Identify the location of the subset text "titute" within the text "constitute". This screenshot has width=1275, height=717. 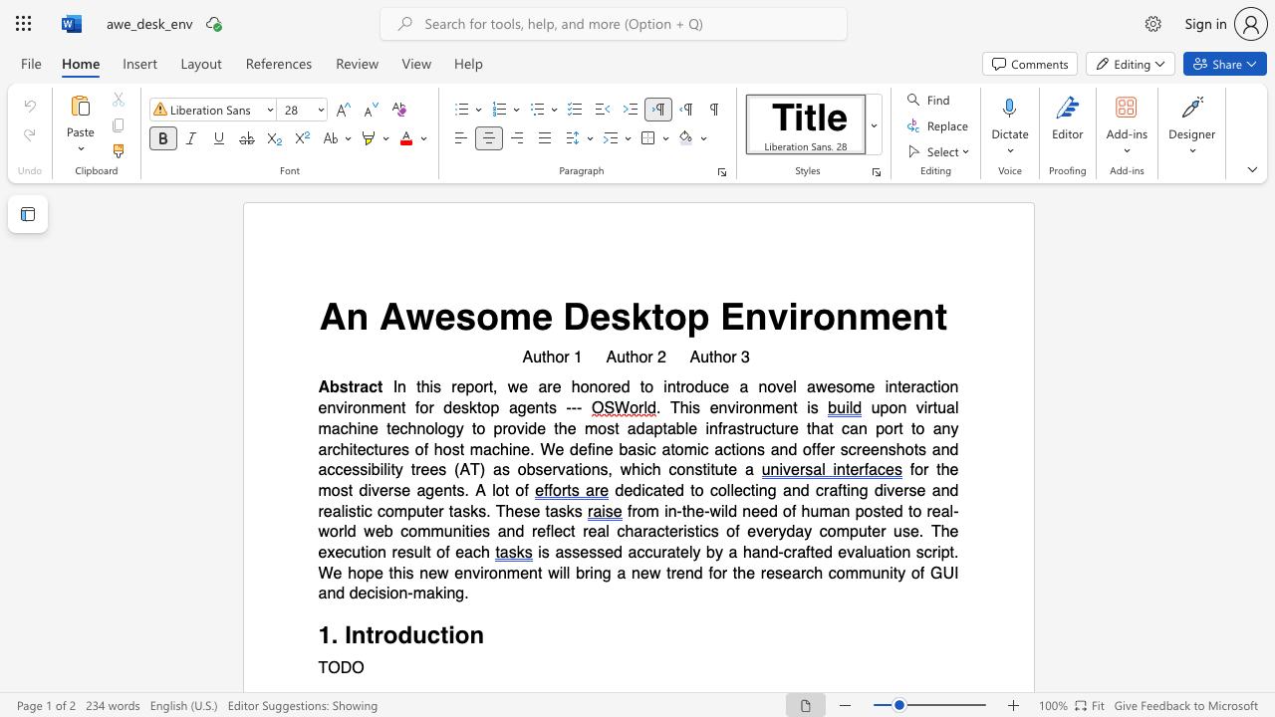
(702, 470).